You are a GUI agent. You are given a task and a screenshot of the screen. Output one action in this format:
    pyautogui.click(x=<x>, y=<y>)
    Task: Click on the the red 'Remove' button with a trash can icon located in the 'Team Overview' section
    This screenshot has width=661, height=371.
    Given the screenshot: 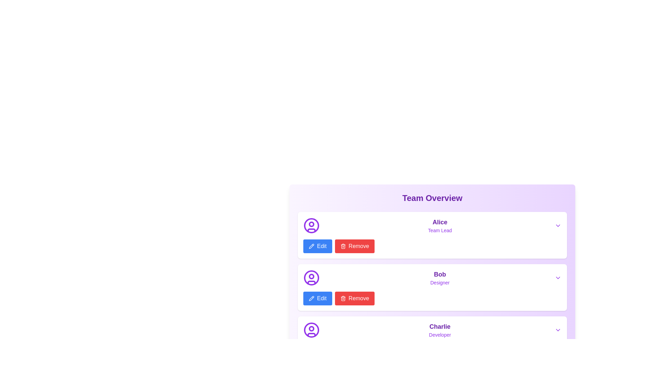 What is the action you would take?
    pyautogui.click(x=355, y=298)
    